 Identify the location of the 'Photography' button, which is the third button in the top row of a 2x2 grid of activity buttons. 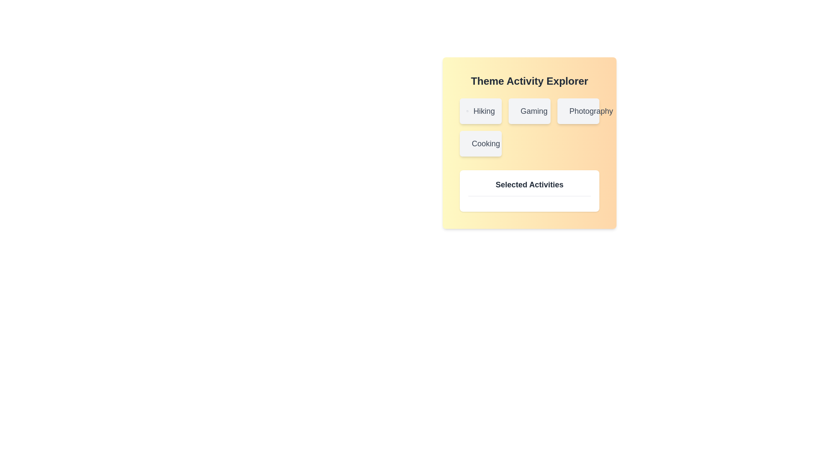
(578, 110).